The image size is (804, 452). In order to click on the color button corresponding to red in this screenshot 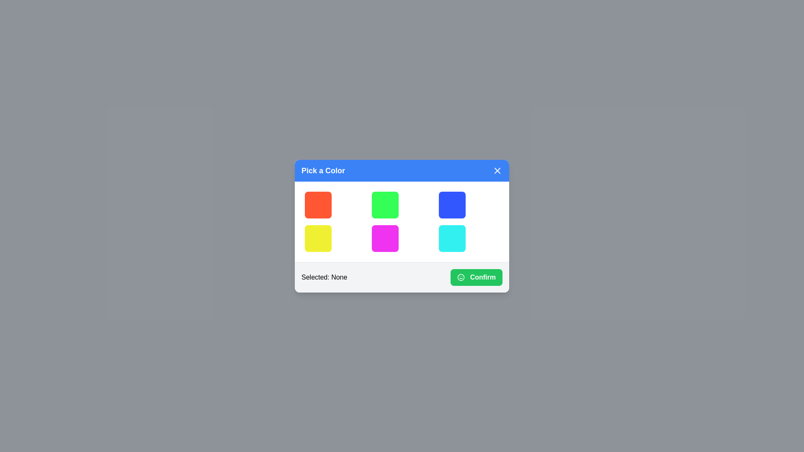, I will do `click(317, 205)`.